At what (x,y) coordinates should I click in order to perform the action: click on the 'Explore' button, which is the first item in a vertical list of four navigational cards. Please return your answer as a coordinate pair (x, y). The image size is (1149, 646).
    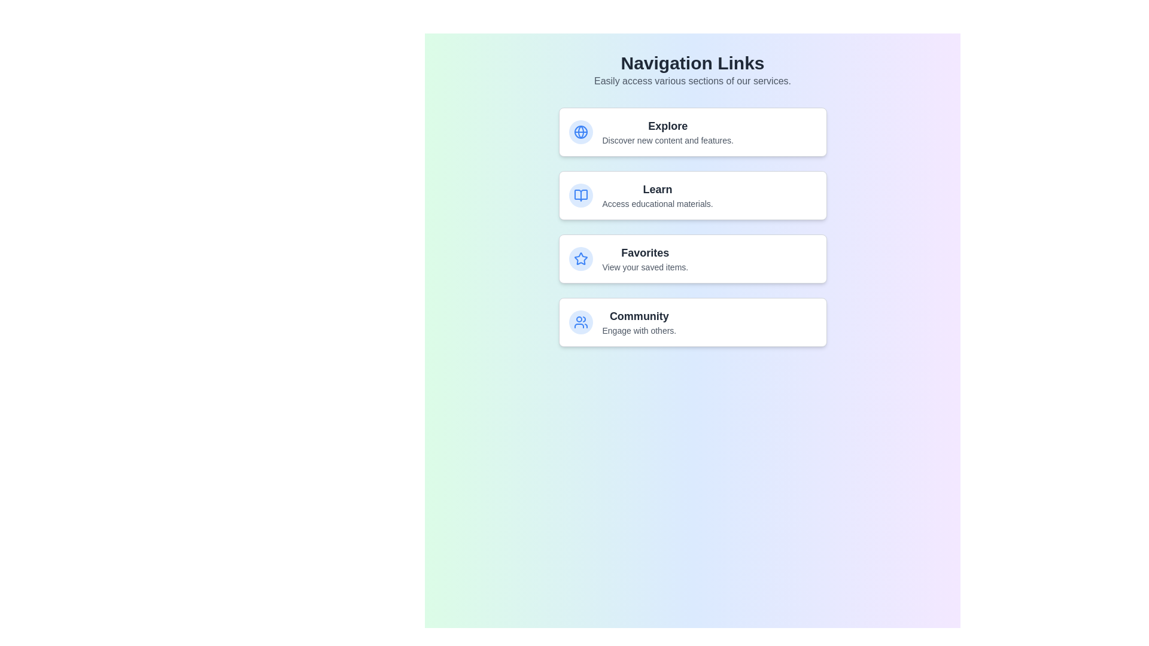
    Looking at the image, I should click on (692, 132).